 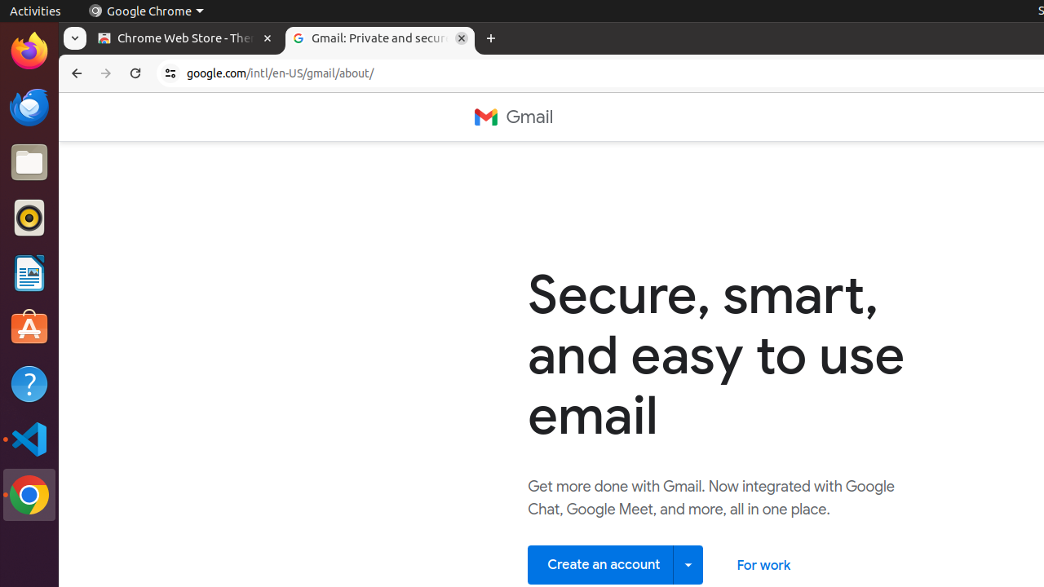 I want to click on 'Forward', so click(x=105, y=73).